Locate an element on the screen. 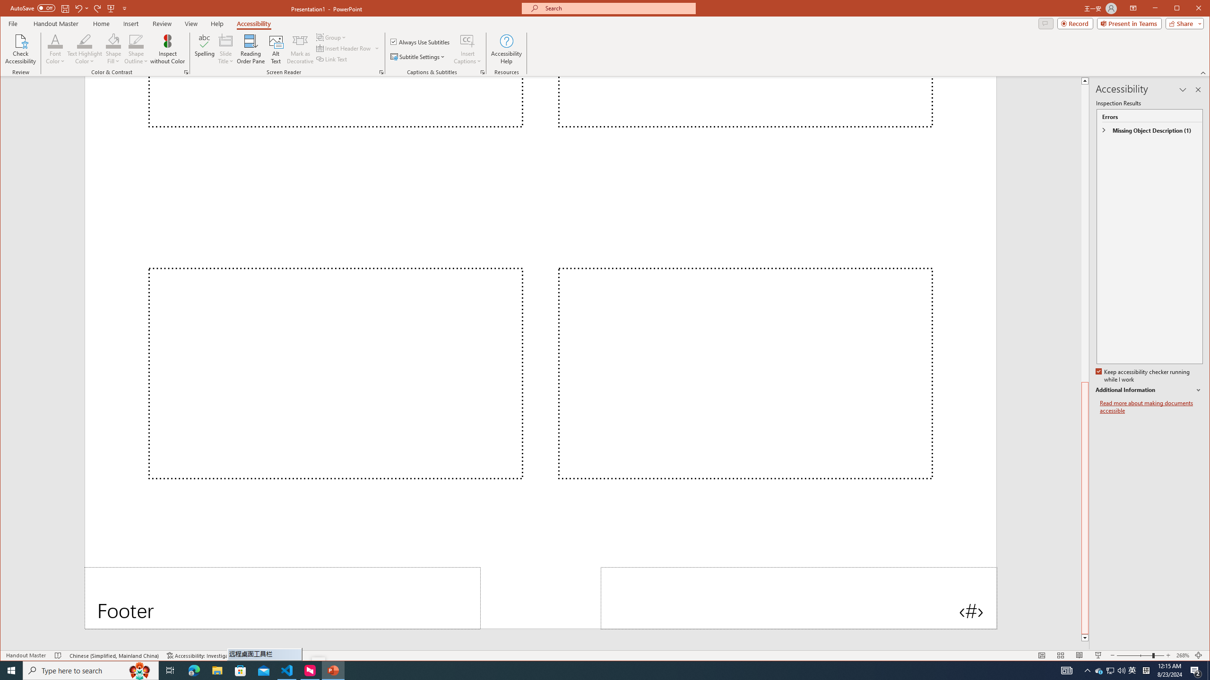  'Maximize' is located at coordinates (1191, 9).